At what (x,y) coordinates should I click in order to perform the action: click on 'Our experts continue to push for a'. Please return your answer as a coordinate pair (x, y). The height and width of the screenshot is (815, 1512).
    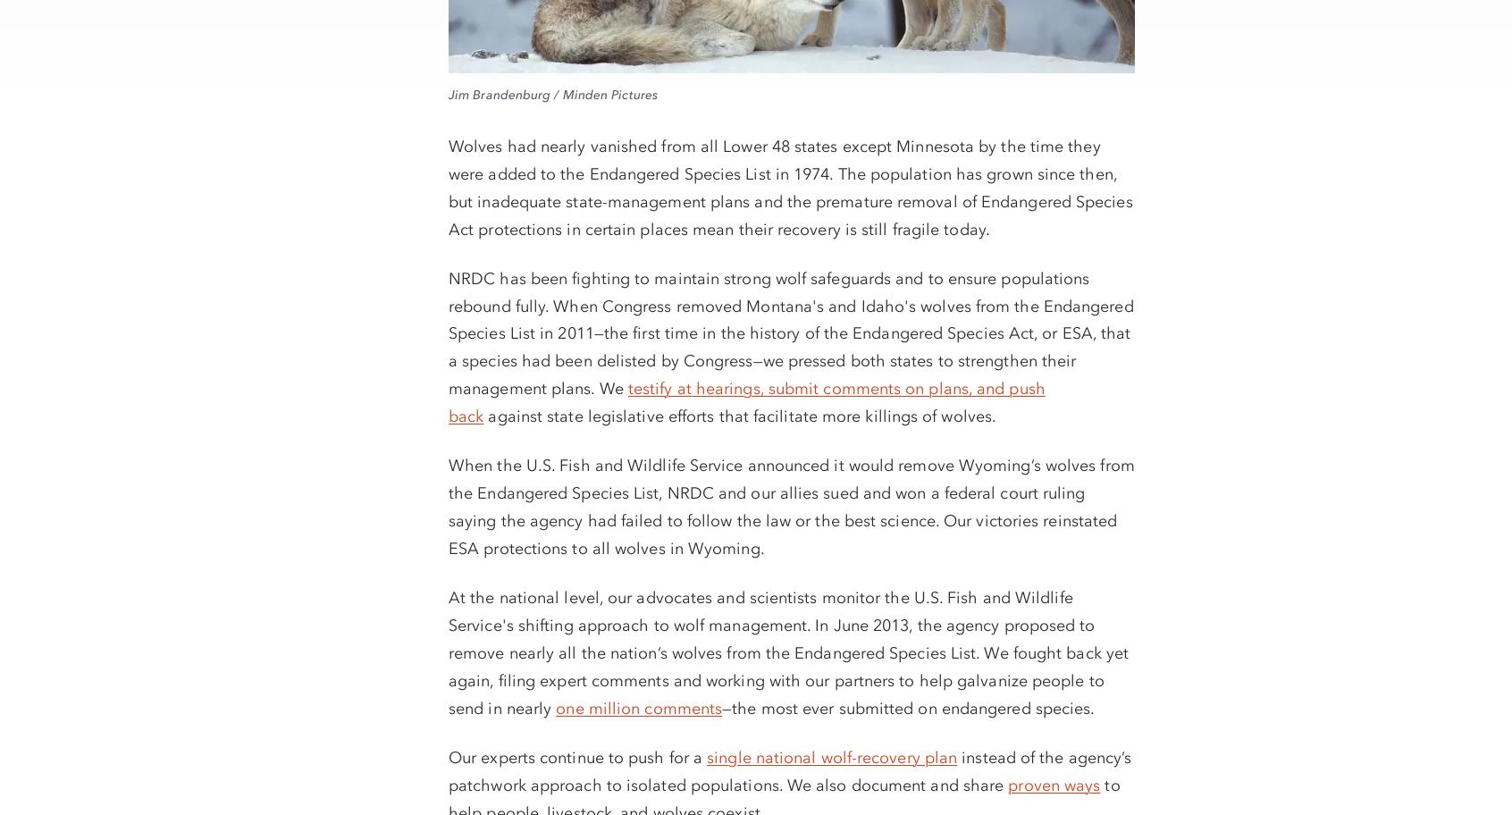
    Looking at the image, I should click on (577, 756).